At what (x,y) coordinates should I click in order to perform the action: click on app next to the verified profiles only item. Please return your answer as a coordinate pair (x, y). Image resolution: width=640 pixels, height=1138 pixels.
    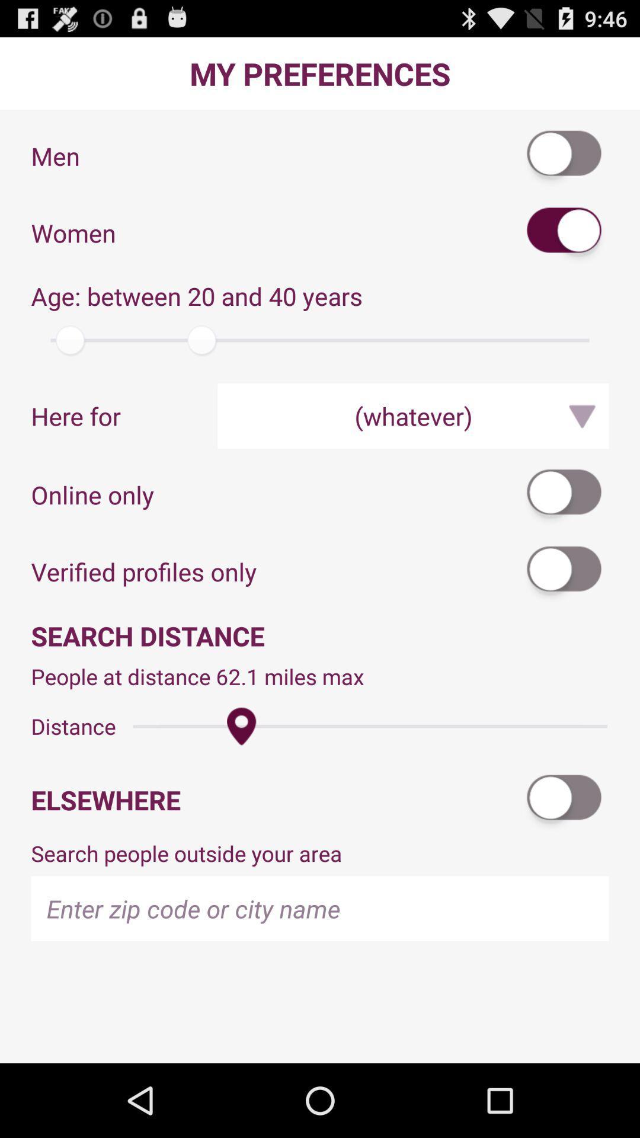
    Looking at the image, I should click on (564, 571).